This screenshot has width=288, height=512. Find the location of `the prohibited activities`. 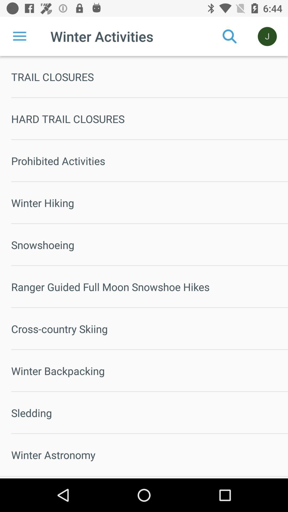

the prohibited activities is located at coordinates (149, 161).